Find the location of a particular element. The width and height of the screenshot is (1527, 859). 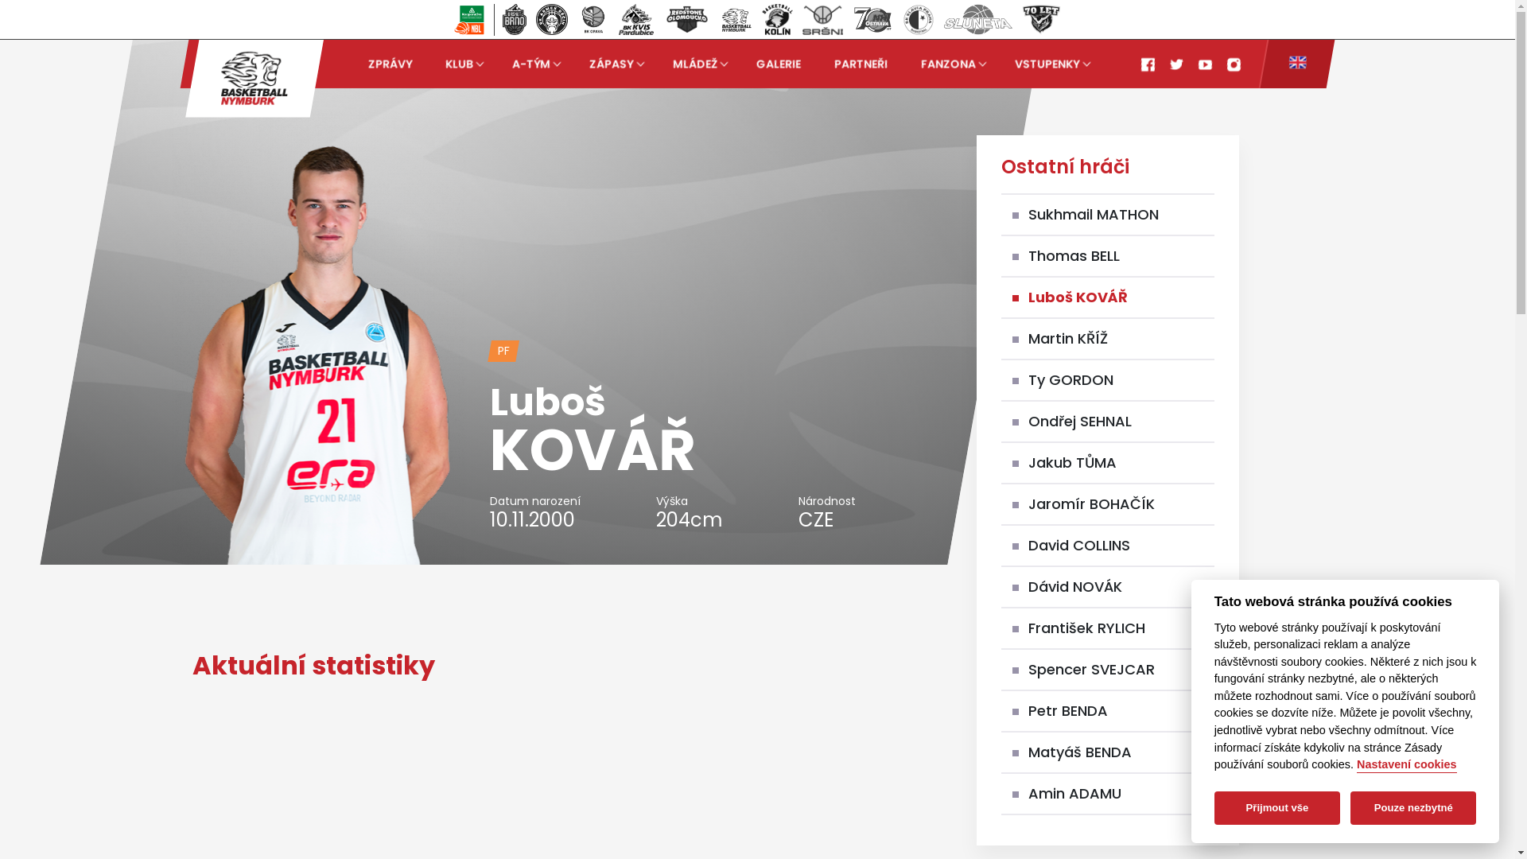

'FANZONA' is located at coordinates (920, 63).